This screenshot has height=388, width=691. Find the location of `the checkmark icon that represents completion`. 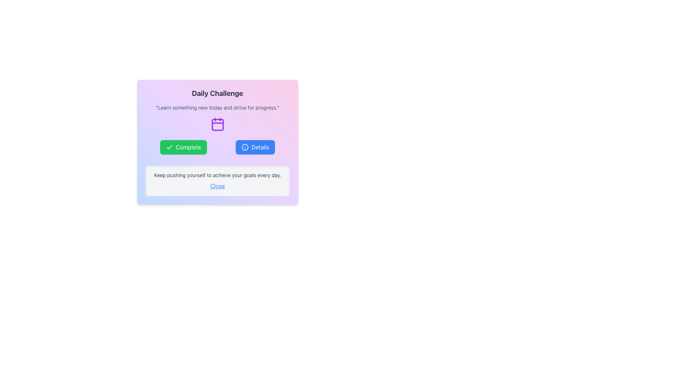

the checkmark icon that represents completion is located at coordinates (169, 147).